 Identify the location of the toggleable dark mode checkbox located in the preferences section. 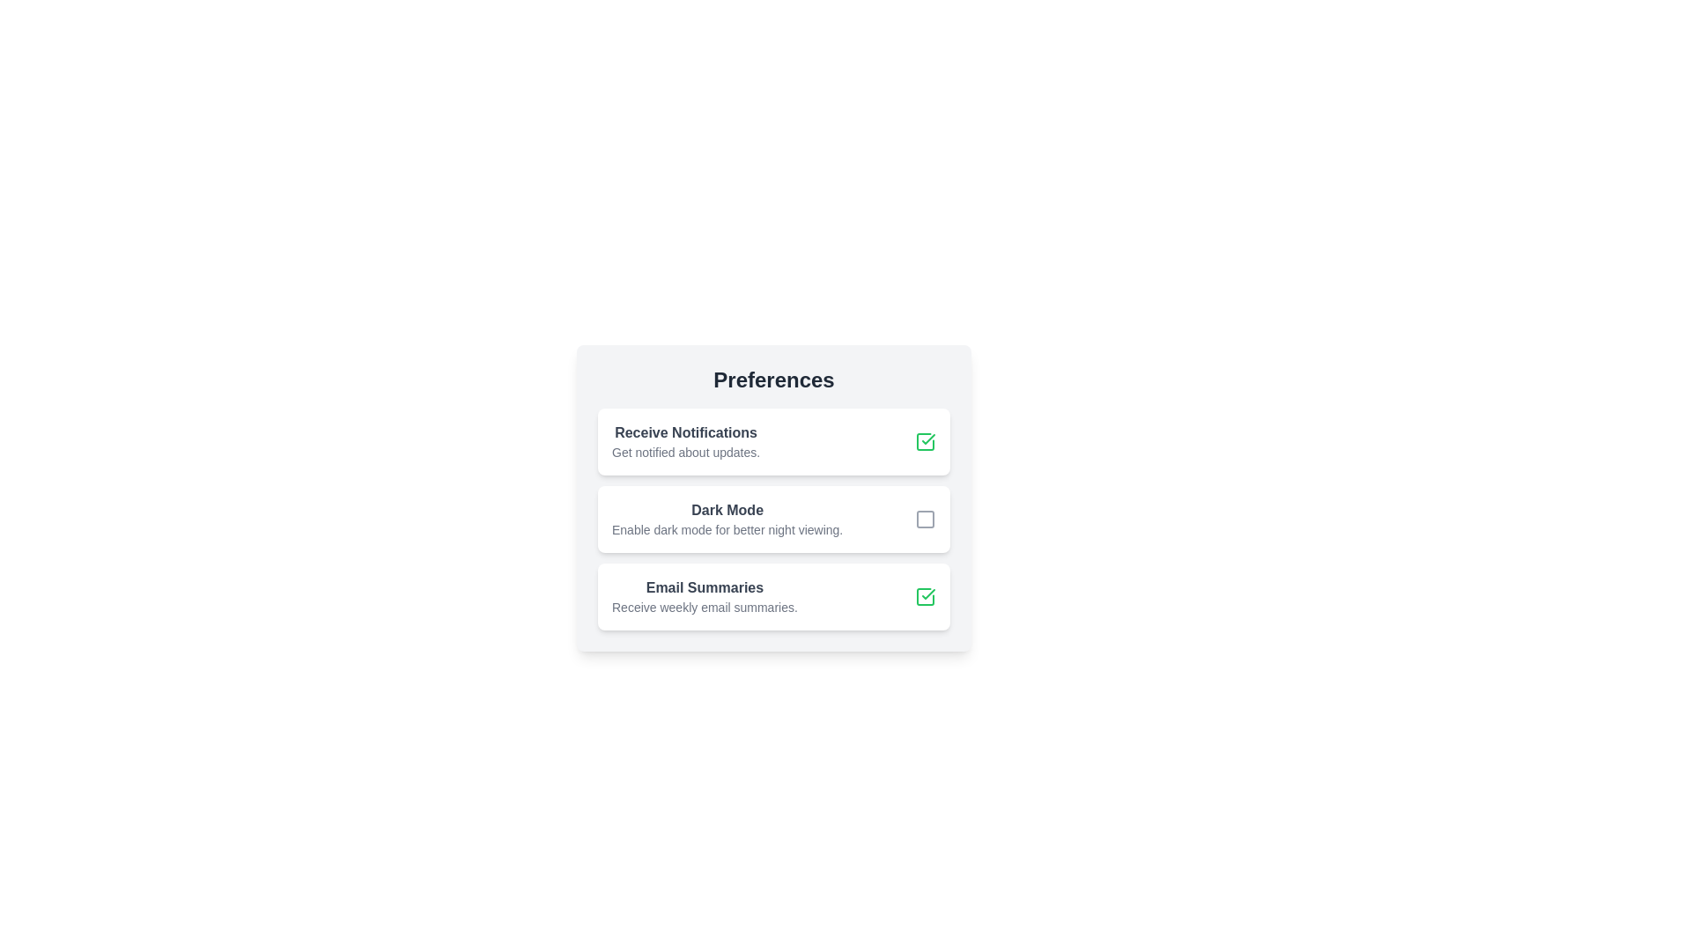
(773, 519).